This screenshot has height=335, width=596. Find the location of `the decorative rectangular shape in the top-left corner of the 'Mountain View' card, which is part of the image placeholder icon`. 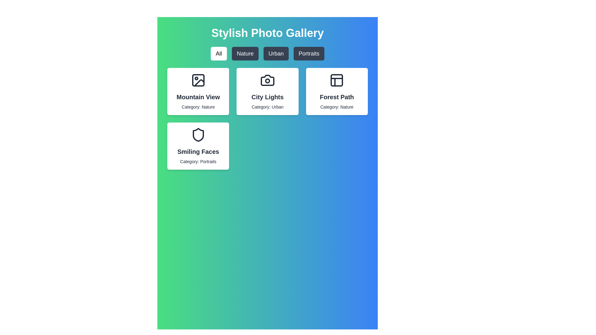

the decorative rectangular shape in the top-left corner of the 'Mountain View' card, which is part of the image placeholder icon is located at coordinates (198, 80).